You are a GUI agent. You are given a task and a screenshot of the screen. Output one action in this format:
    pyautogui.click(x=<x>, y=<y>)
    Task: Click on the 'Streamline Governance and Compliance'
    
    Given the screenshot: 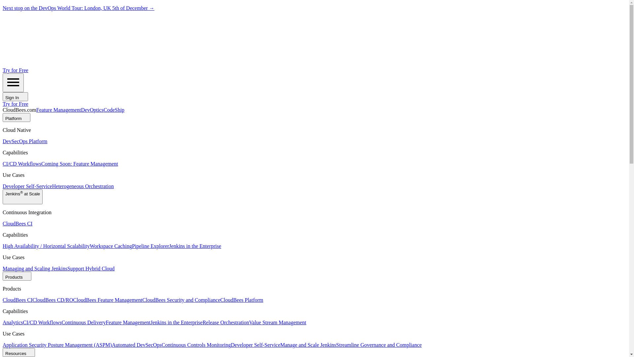 What is the action you would take?
    pyautogui.click(x=379, y=344)
    